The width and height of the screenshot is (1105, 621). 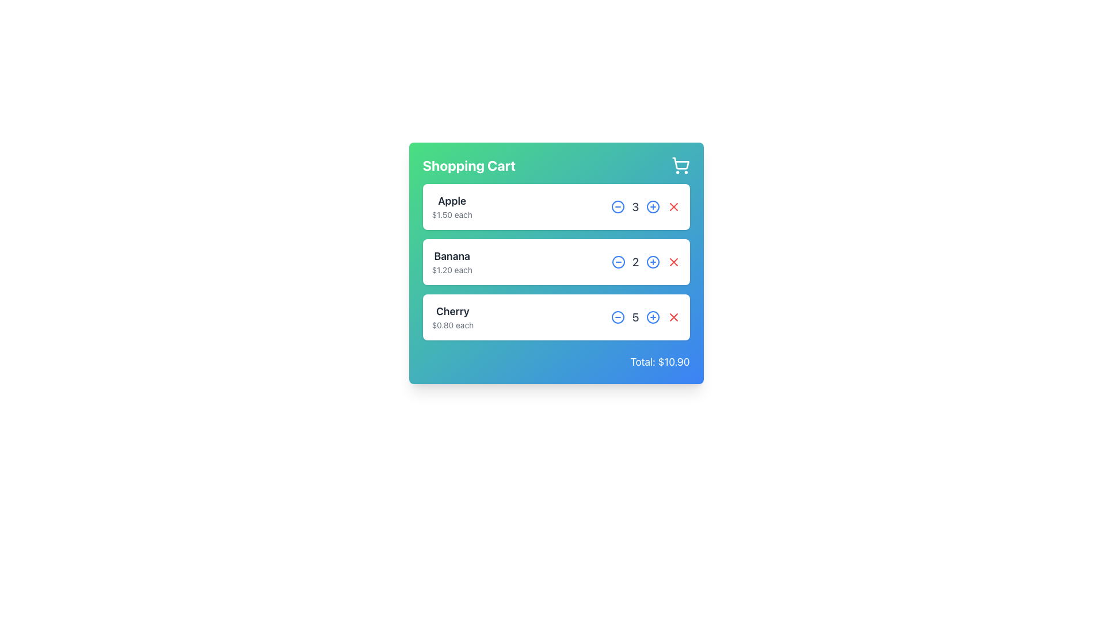 What do you see at coordinates (653, 317) in the screenshot?
I see `the blue circular button with a plus icon located to the right of the count number '5' for the 'Cherry' item in the cart layout` at bounding box center [653, 317].